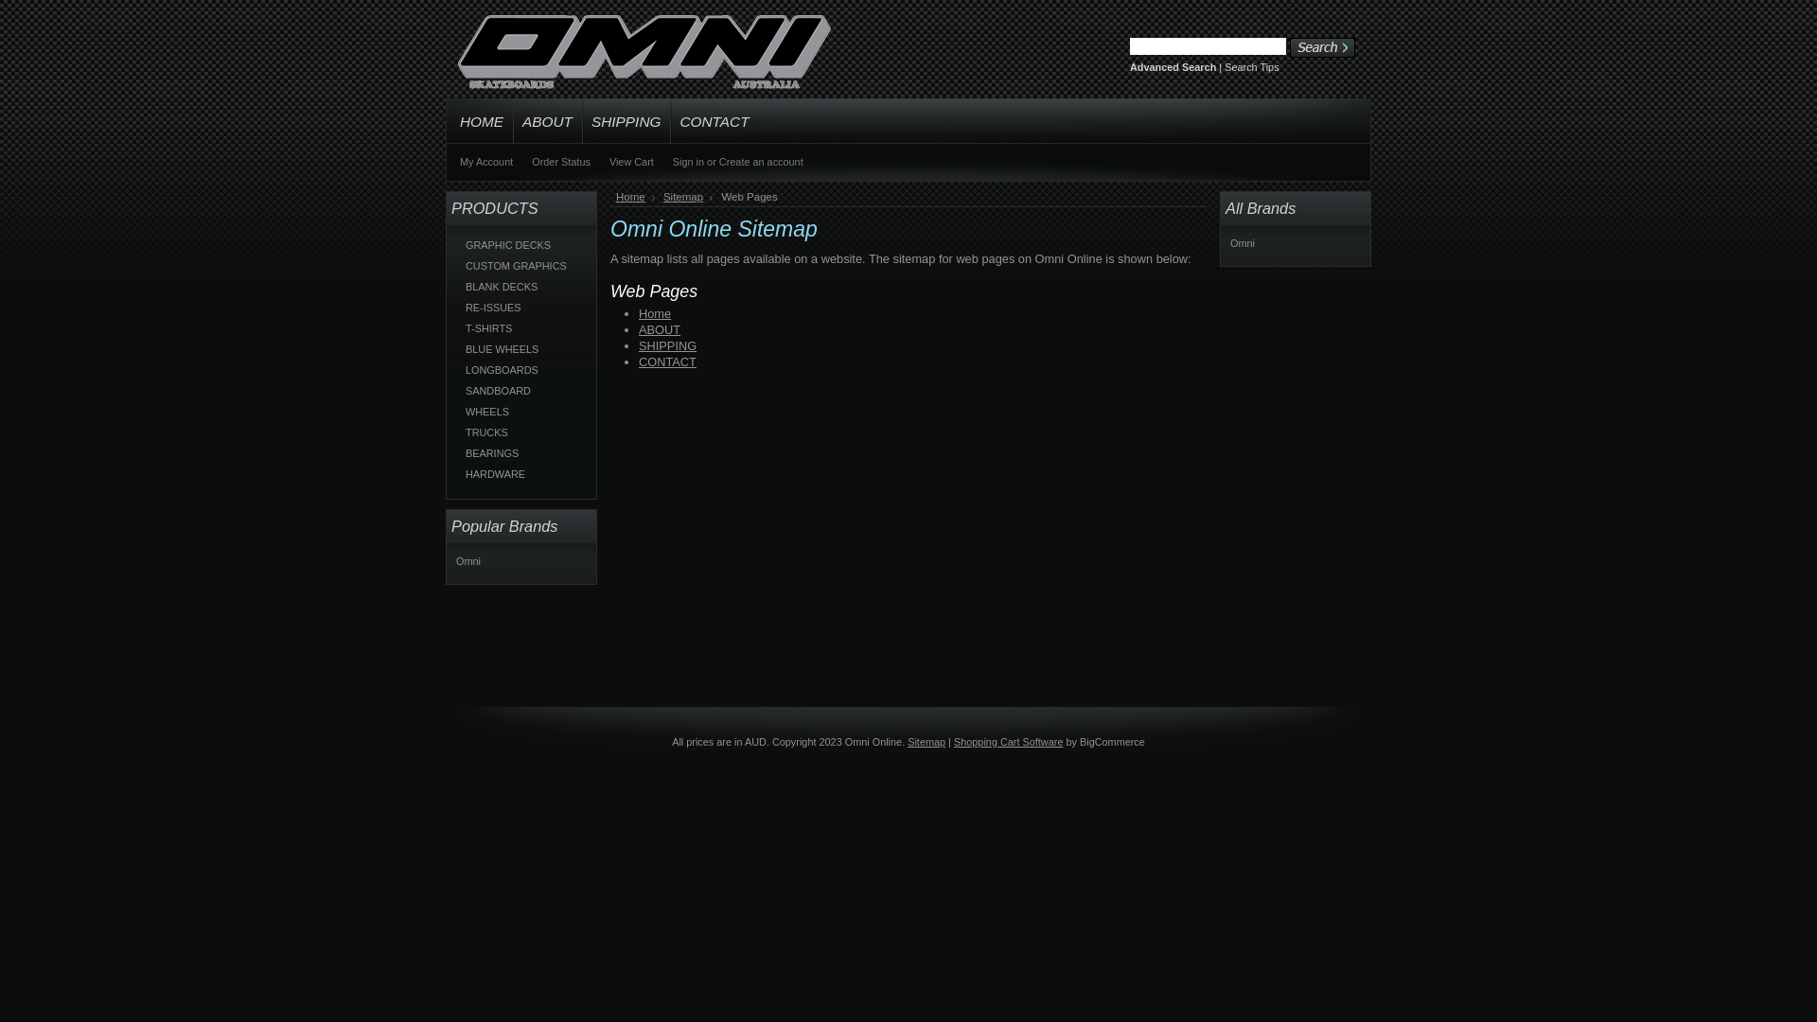 The image size is (1817, 1022). Describe the element at coordinates (444, 120) in the screenshot. I see `'HOME'` at that location.